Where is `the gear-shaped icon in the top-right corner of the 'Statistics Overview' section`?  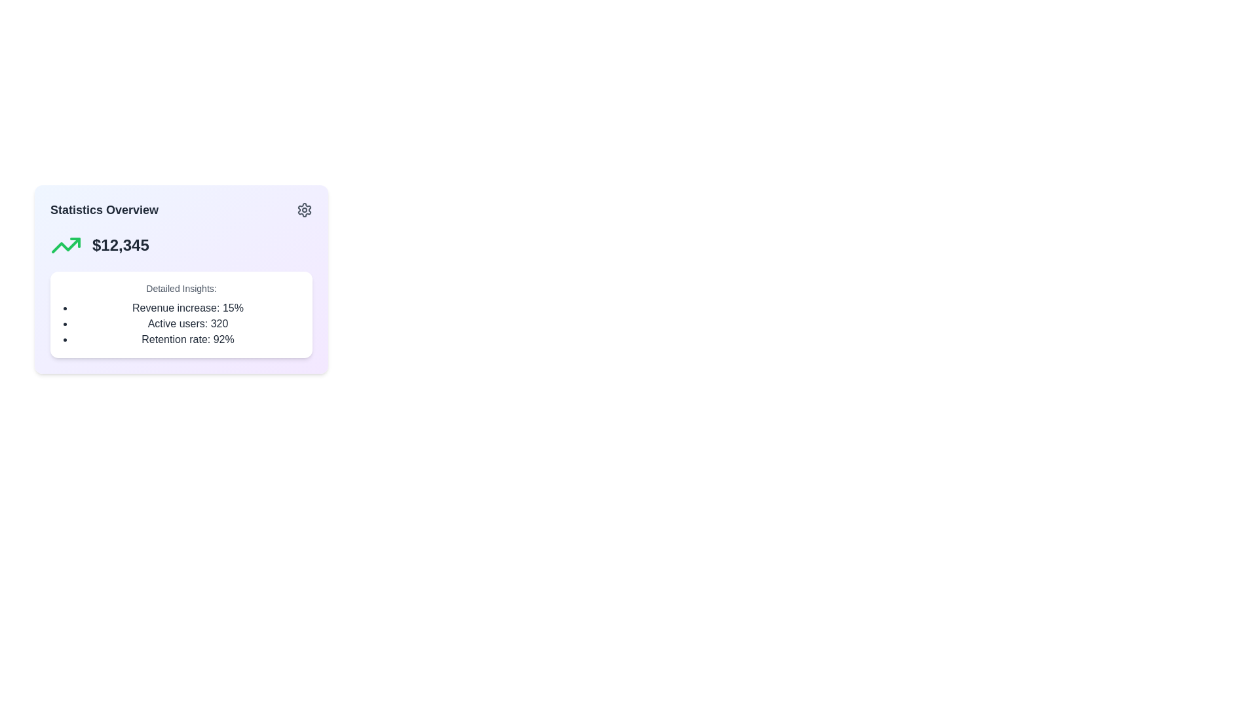 the gear-shaped icon in the top-right corner of the 'Statistics Overview' section is located at coordinates (304, 209).